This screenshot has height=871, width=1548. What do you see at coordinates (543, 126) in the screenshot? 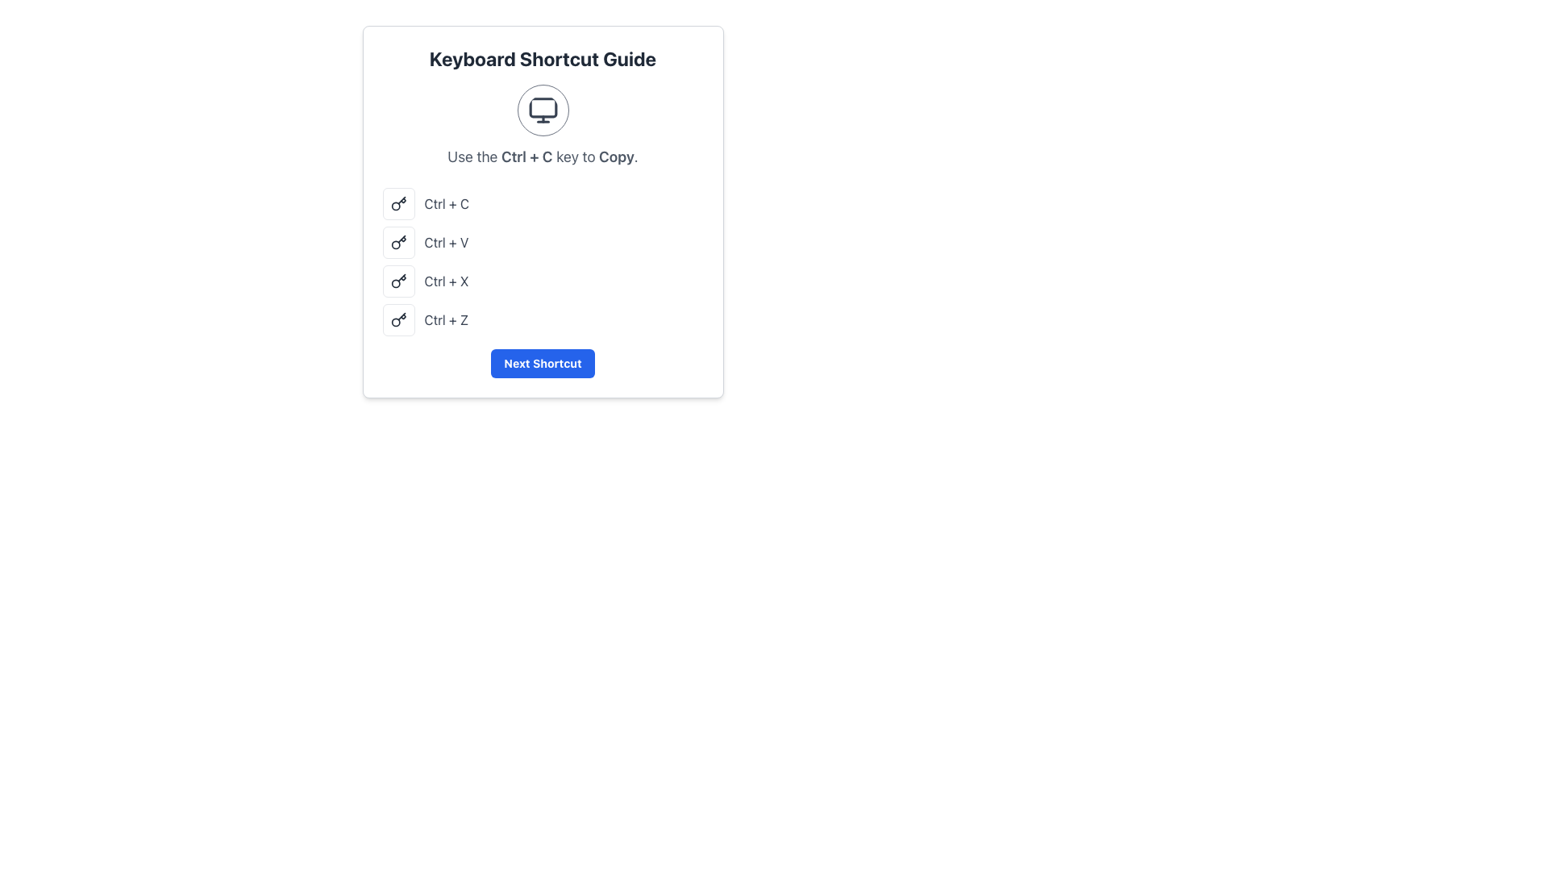
I see `the Informational Text with Icon that displays 'Use the Ctrl + C key to Copy.' This element features a circular gray-bordered icon depicting a monitor and has keywords 'Ctrl + C' and 'Copy' in bold, located within the 'Keyboard Shortcut Guide' card` at bounding box center [543, 126].